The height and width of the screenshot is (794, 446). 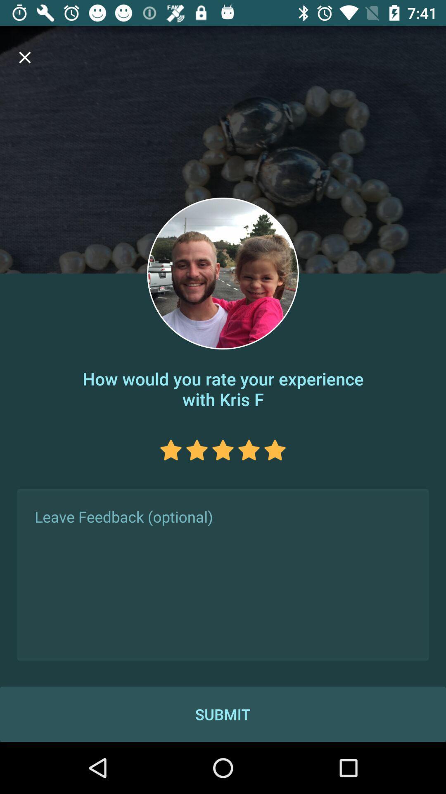 What do you see at coordinates (170, 450) in the screenshot?
I see `give one star rating` at bounding box center [170, 450].